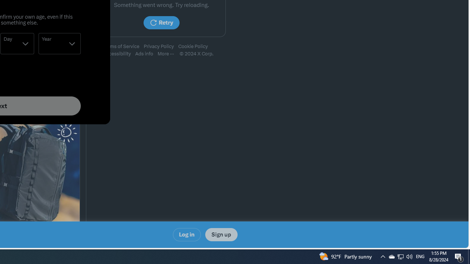  What do you see at coordinates (187, 235) in the screenshot?
I see `'Log in'` at bounding box center [187, 235].